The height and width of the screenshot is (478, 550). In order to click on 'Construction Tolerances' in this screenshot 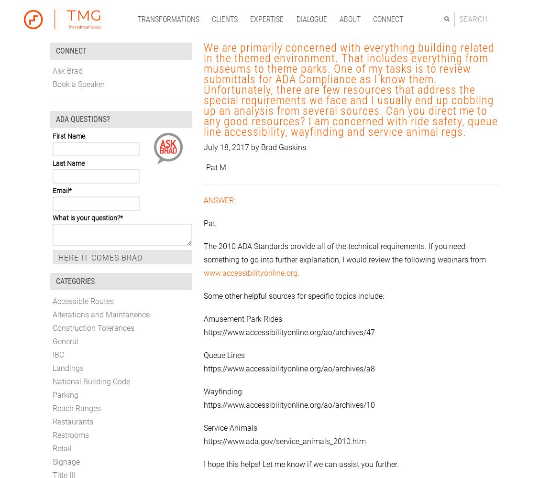, I will do `click(93, 327)`.